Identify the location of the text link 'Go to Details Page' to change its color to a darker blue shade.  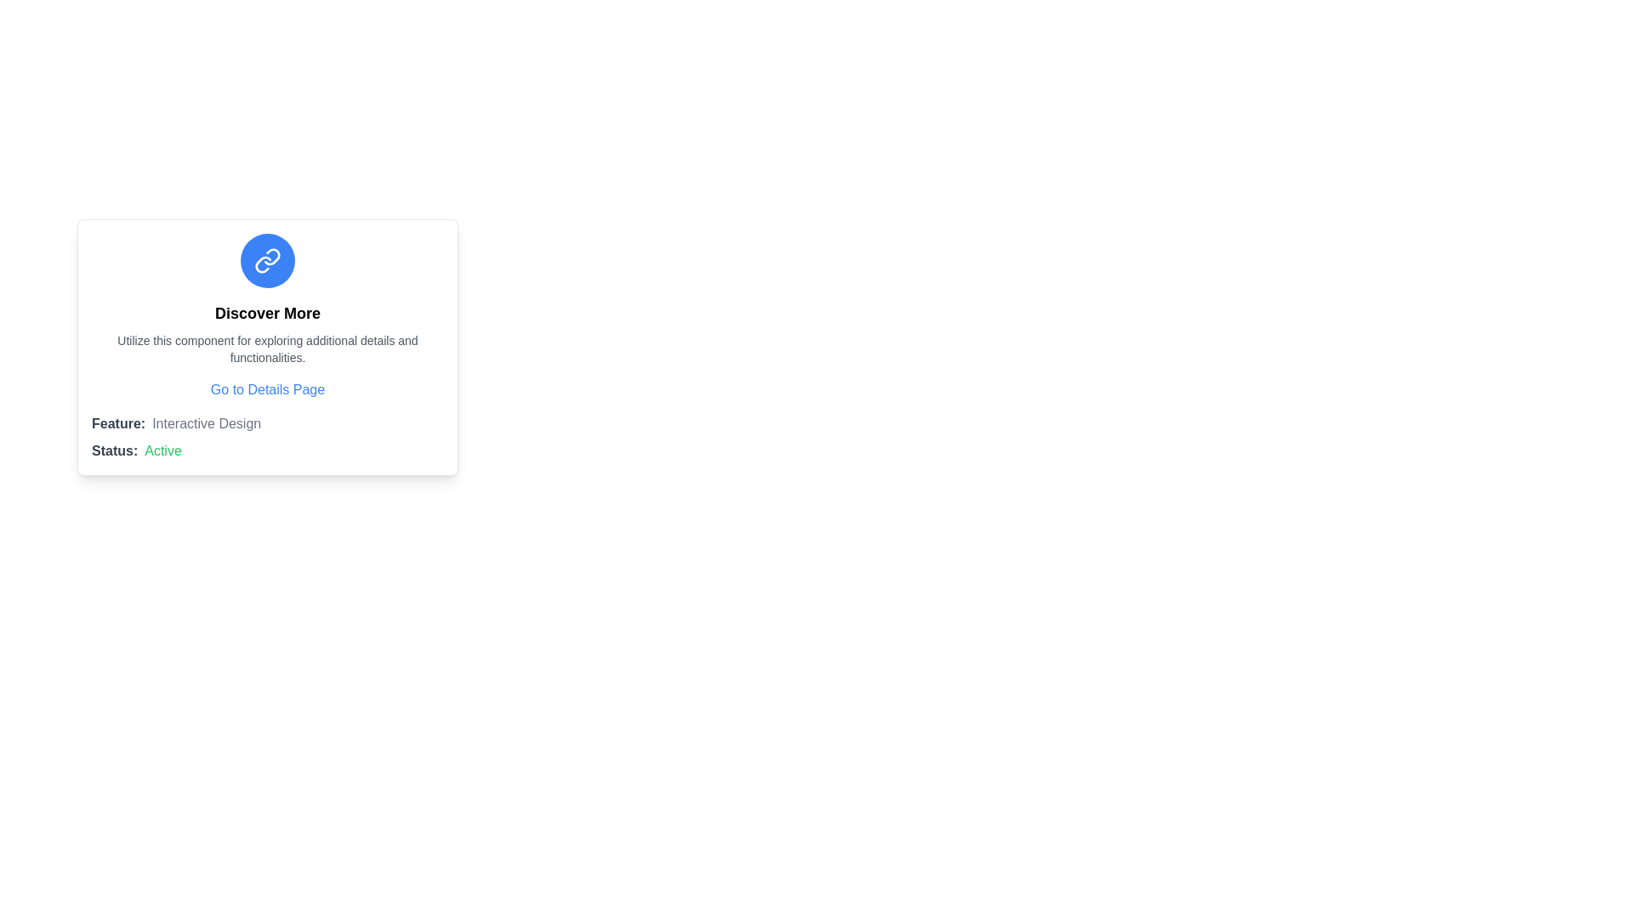
(267, 390).